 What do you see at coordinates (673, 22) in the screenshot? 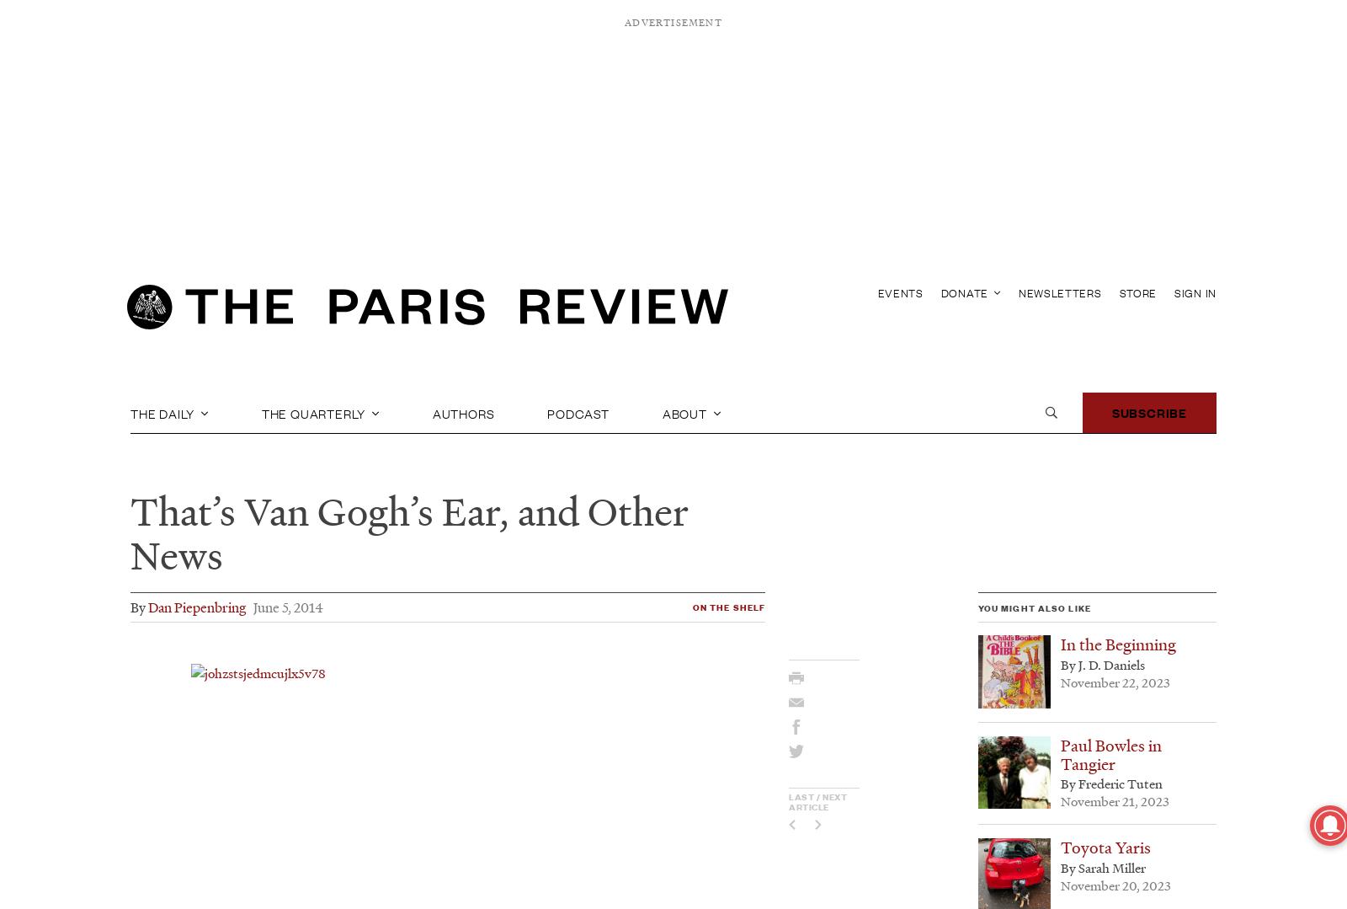
I see `'Advertisement'` at bounding box center [673, 22].